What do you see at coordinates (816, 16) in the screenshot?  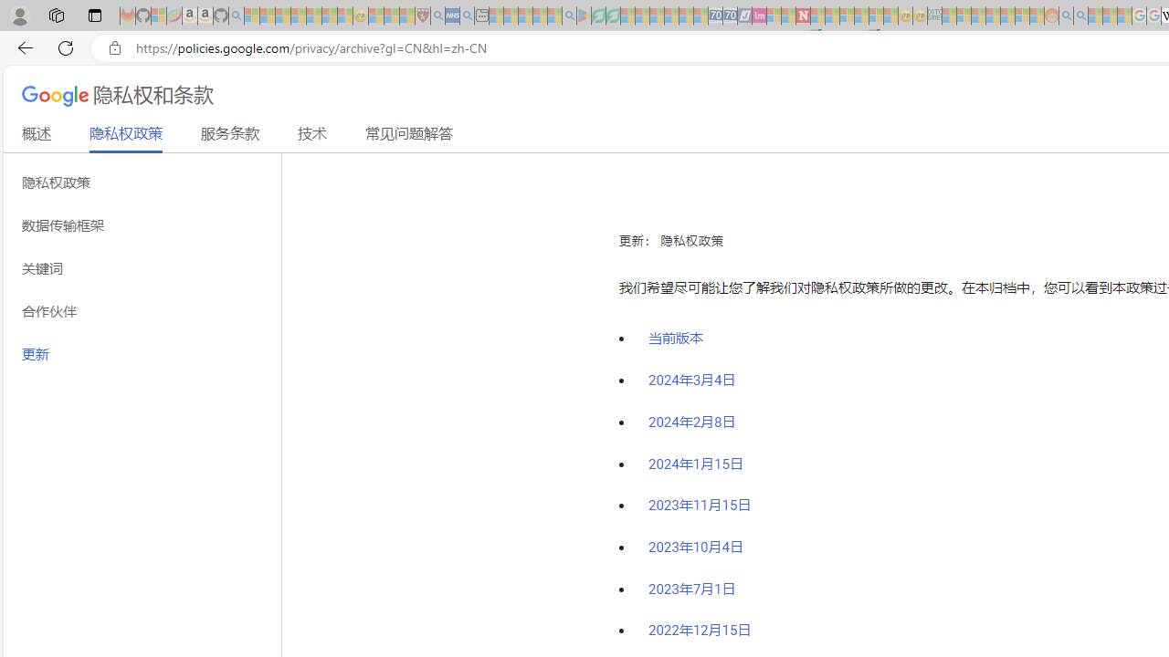 I see `'Trusted Community Engagement and Contributions | Guidelines'` at bounding box center [816, 16].